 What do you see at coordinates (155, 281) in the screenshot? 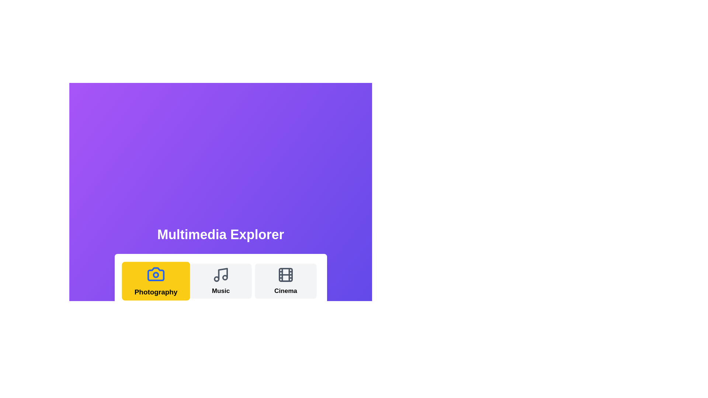
I see `the button corresponding to the category Photography` at bounding box center [155, 281].